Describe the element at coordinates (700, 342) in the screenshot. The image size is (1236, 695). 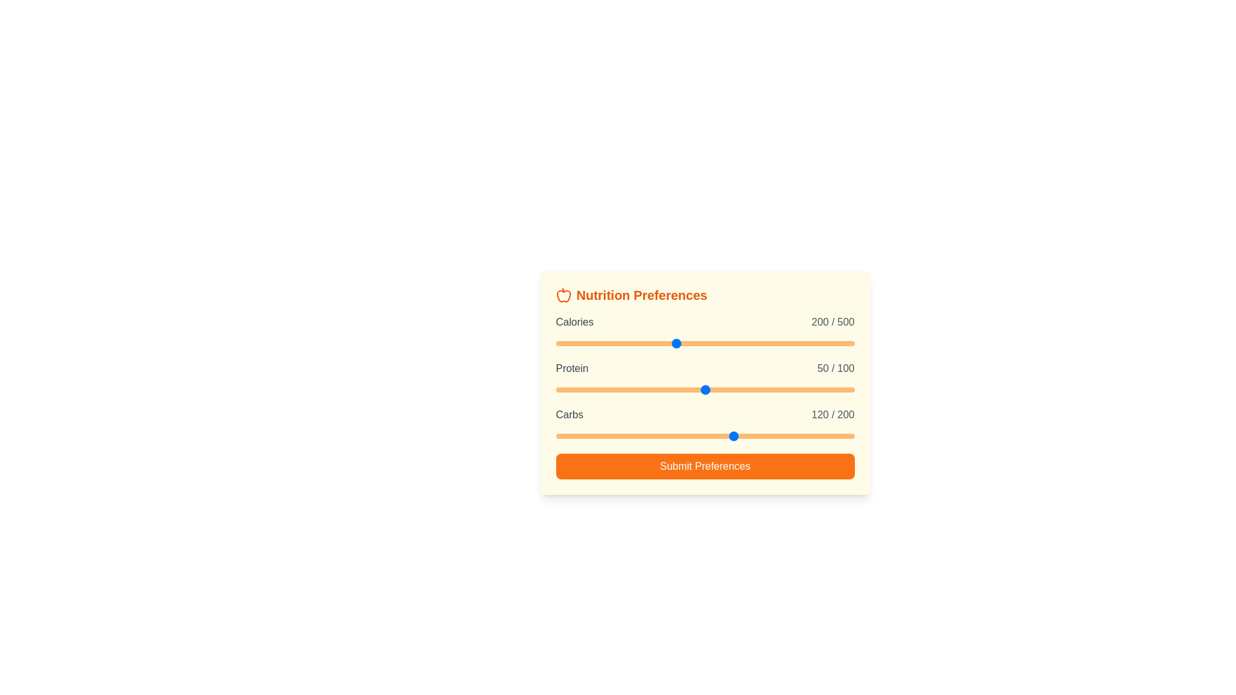
I see `calorie intake` at that location.